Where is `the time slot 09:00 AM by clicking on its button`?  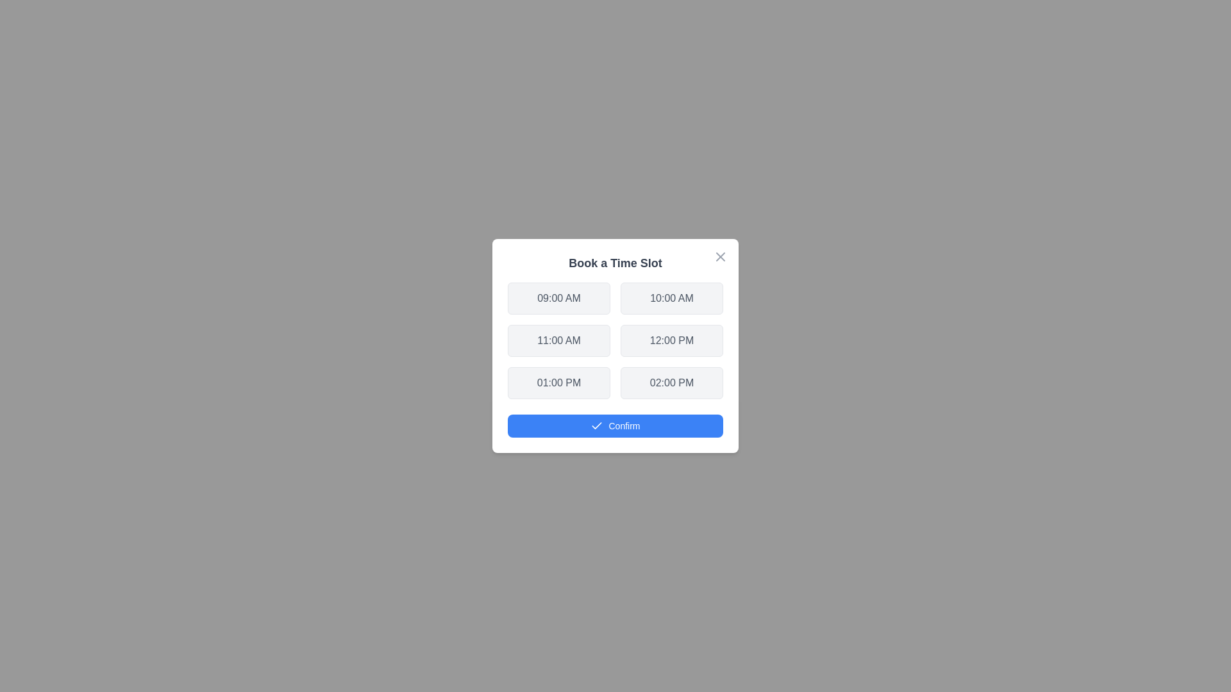
the time slot 09:00 AM by clicking on its button is located at coordinates (559, 299).